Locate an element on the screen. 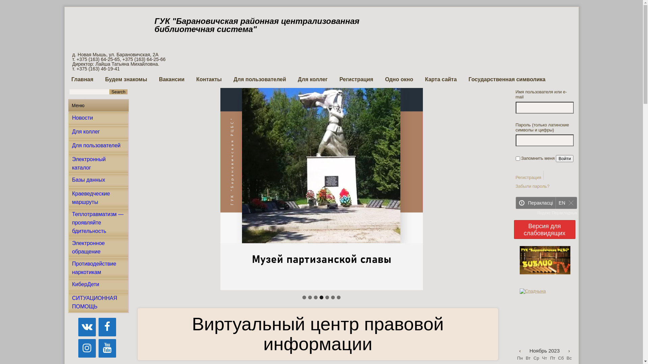  'YouTube' is located at coordinates (98, 348).